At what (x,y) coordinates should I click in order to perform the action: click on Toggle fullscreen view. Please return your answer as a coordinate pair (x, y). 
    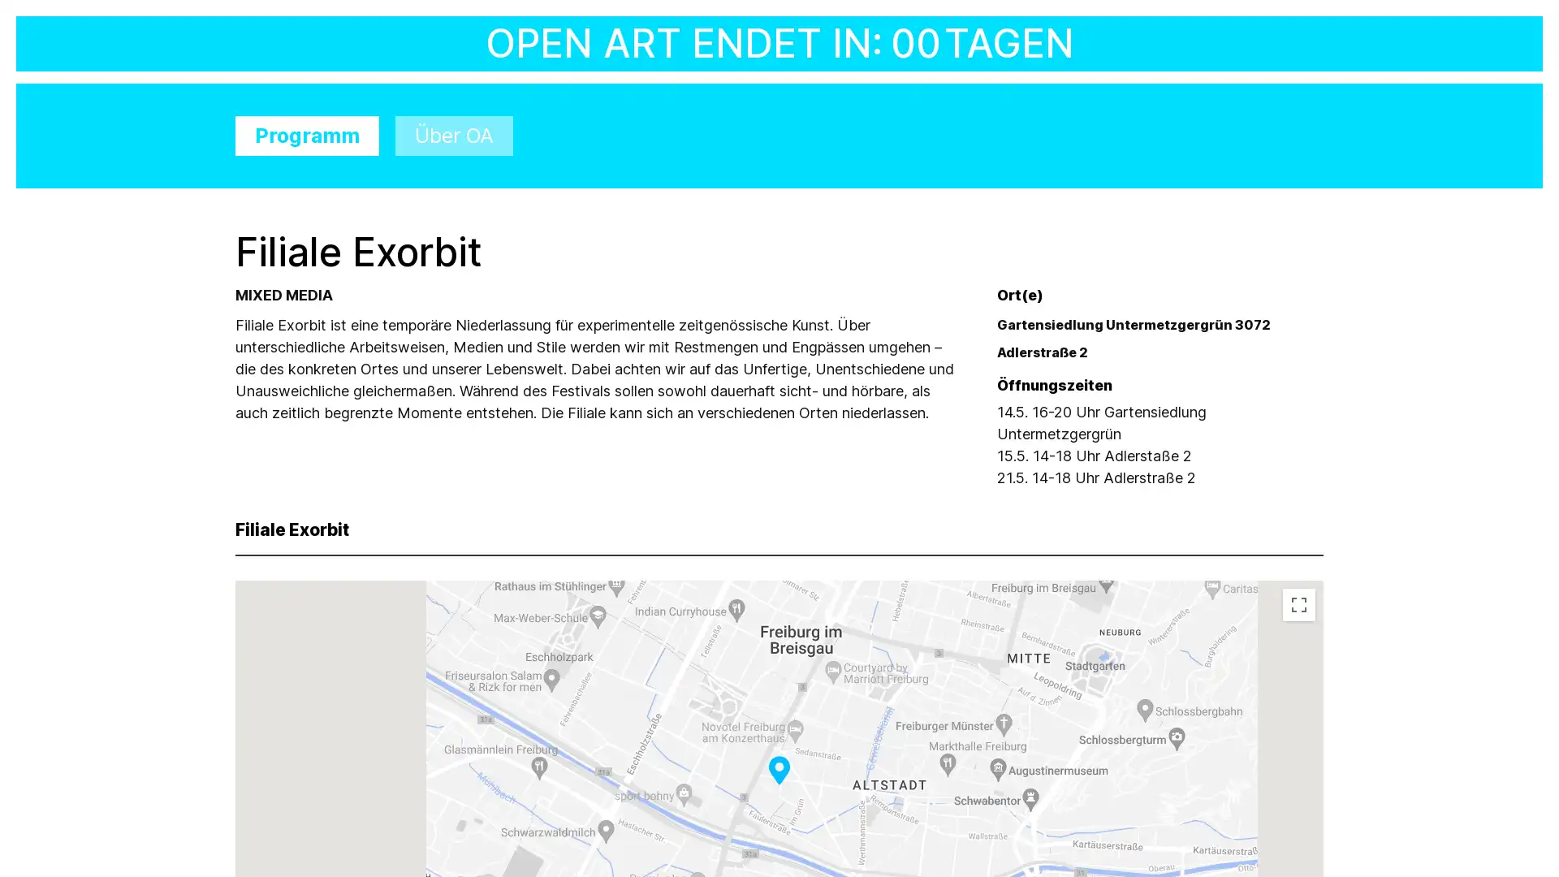
    Looking at the image, I should click on (1298, 604).